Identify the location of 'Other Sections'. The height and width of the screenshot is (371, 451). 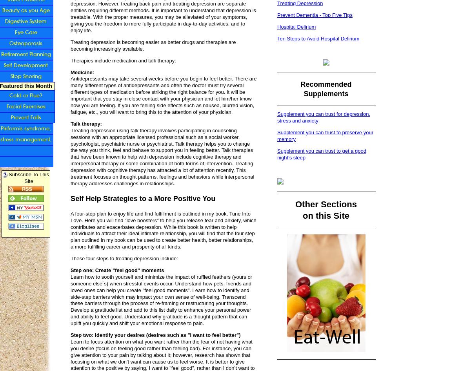
(325, 203).